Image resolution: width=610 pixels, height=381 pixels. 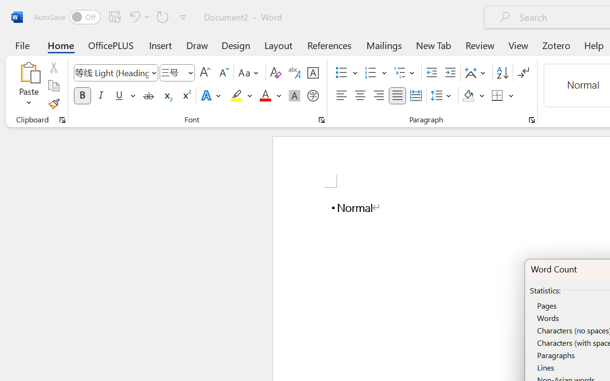 What do you see at coordinates (405, 73) in the screenshot?
I see `'Multilevel List'` at bounding box center [405, 73].